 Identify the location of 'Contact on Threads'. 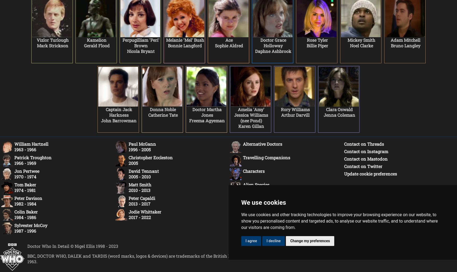
(364, 144).